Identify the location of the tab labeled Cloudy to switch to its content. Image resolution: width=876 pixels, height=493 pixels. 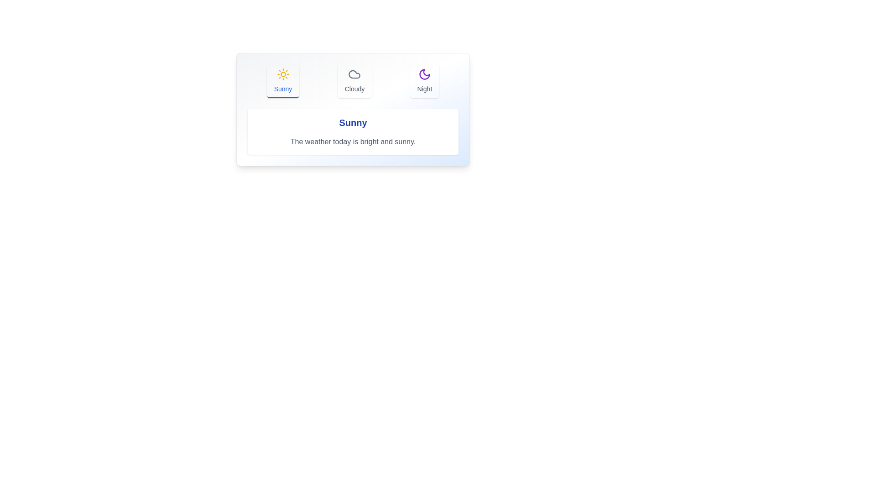
(354, 80).